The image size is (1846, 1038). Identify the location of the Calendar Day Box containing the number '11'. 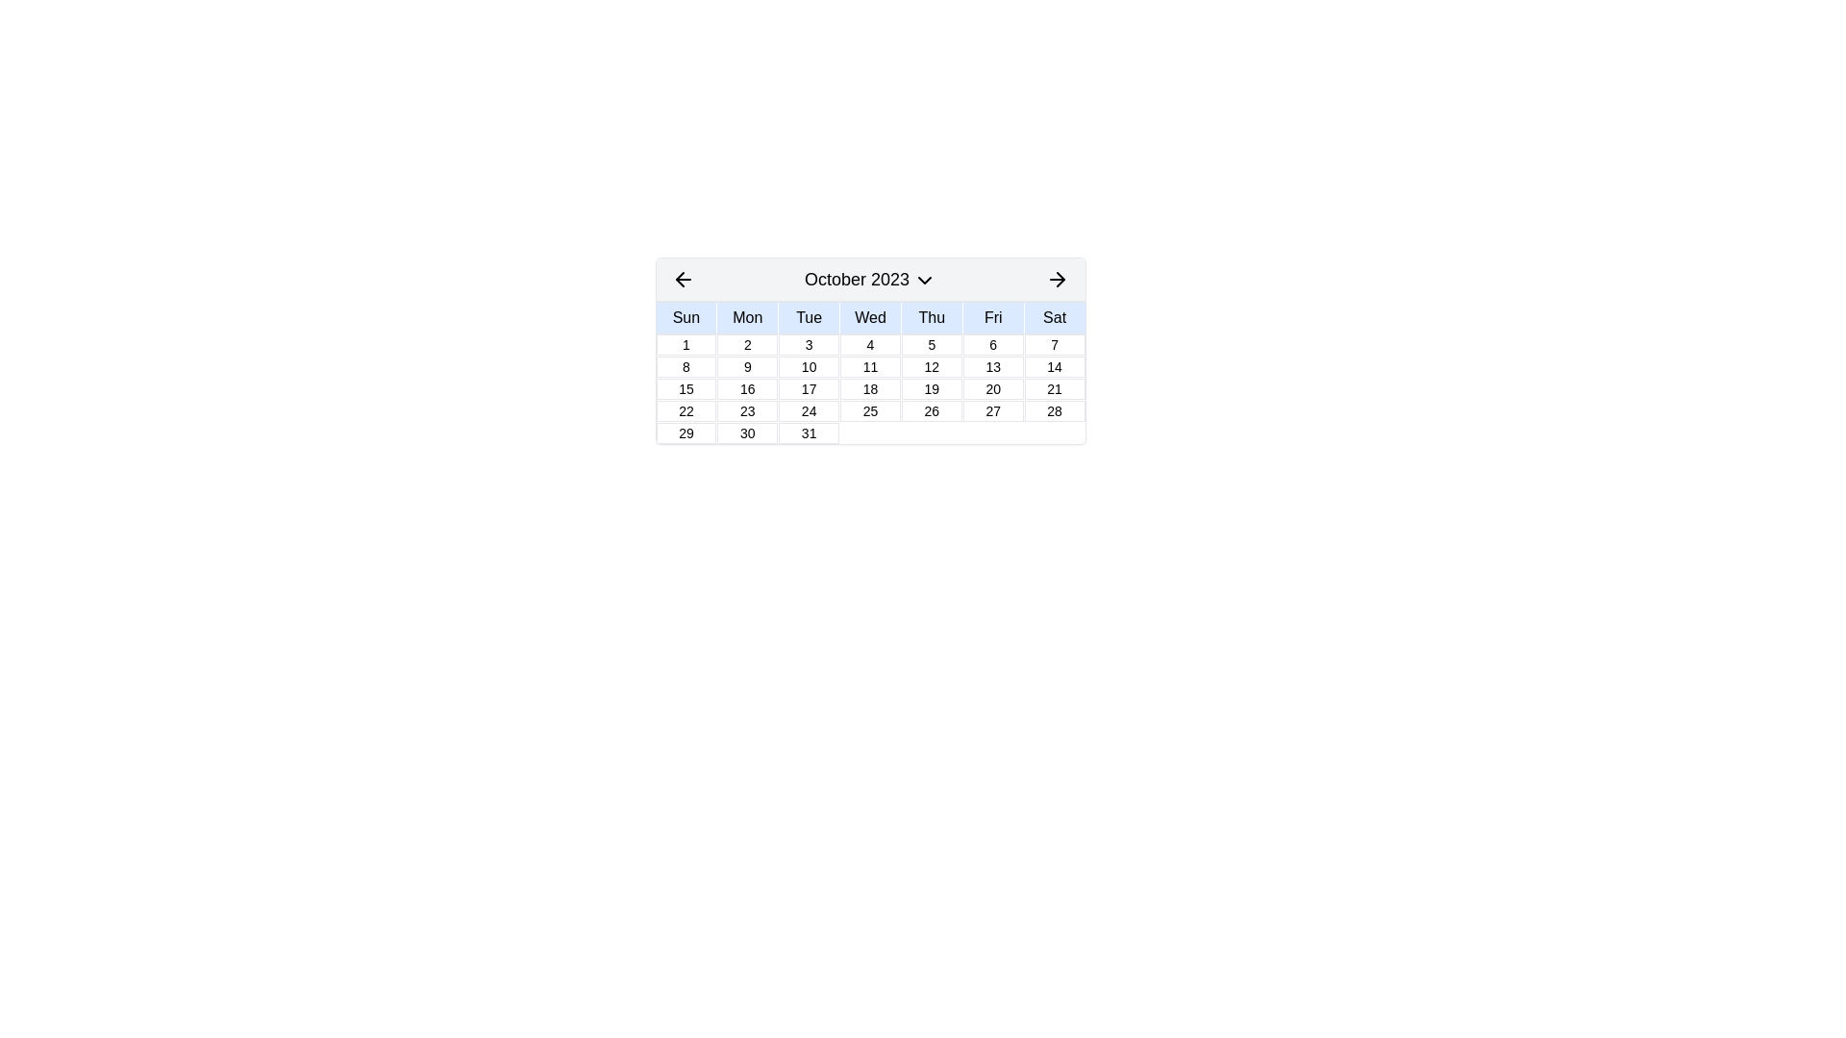
(869, 366).